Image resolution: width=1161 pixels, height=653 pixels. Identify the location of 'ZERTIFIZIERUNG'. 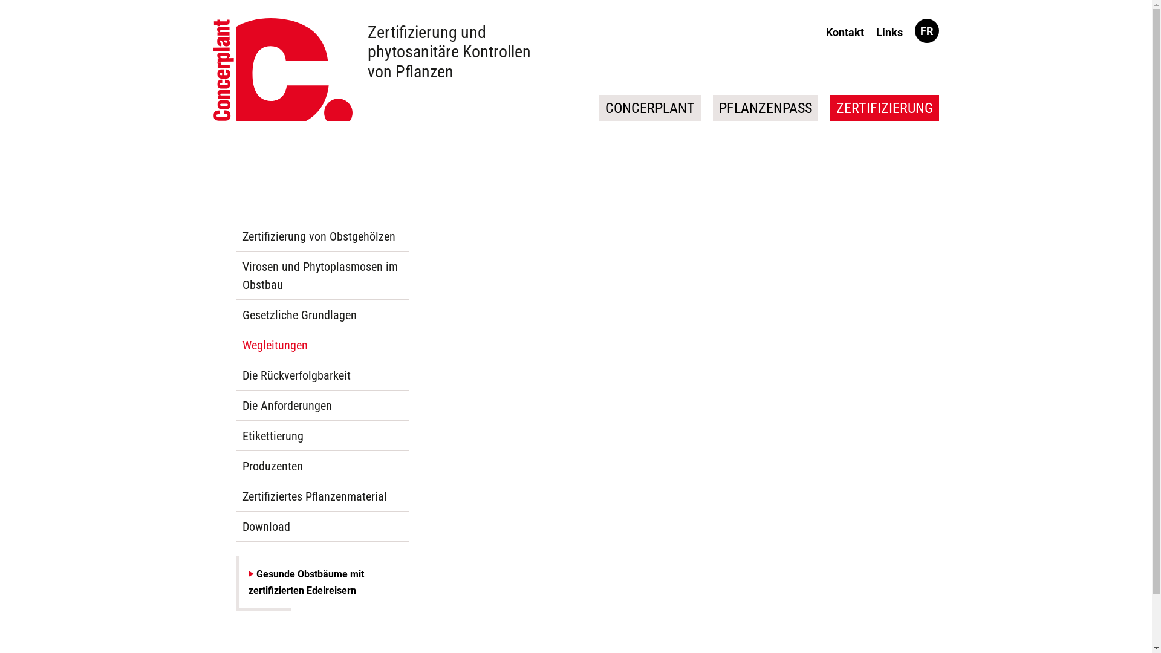
(829, 107).